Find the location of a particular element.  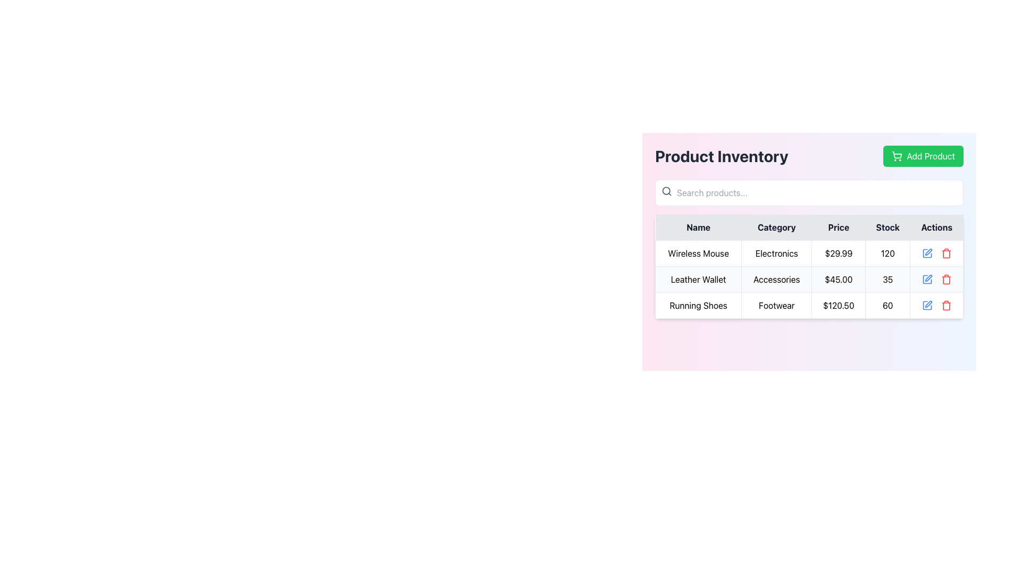

the red-colored trash can icon in the 'Actions' column of the table aligned with the 'Wireless Mouse' row is located at coordinates (946, 254).